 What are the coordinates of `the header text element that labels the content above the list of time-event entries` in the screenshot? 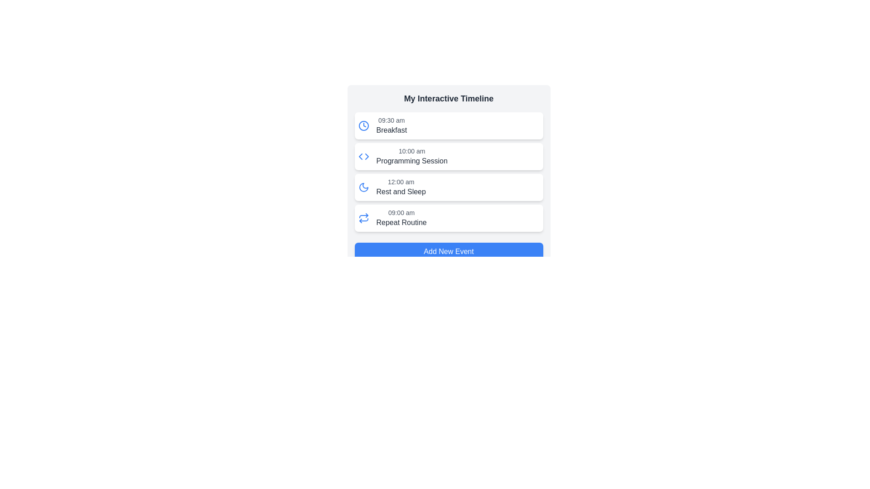 It's located at (449, 99).